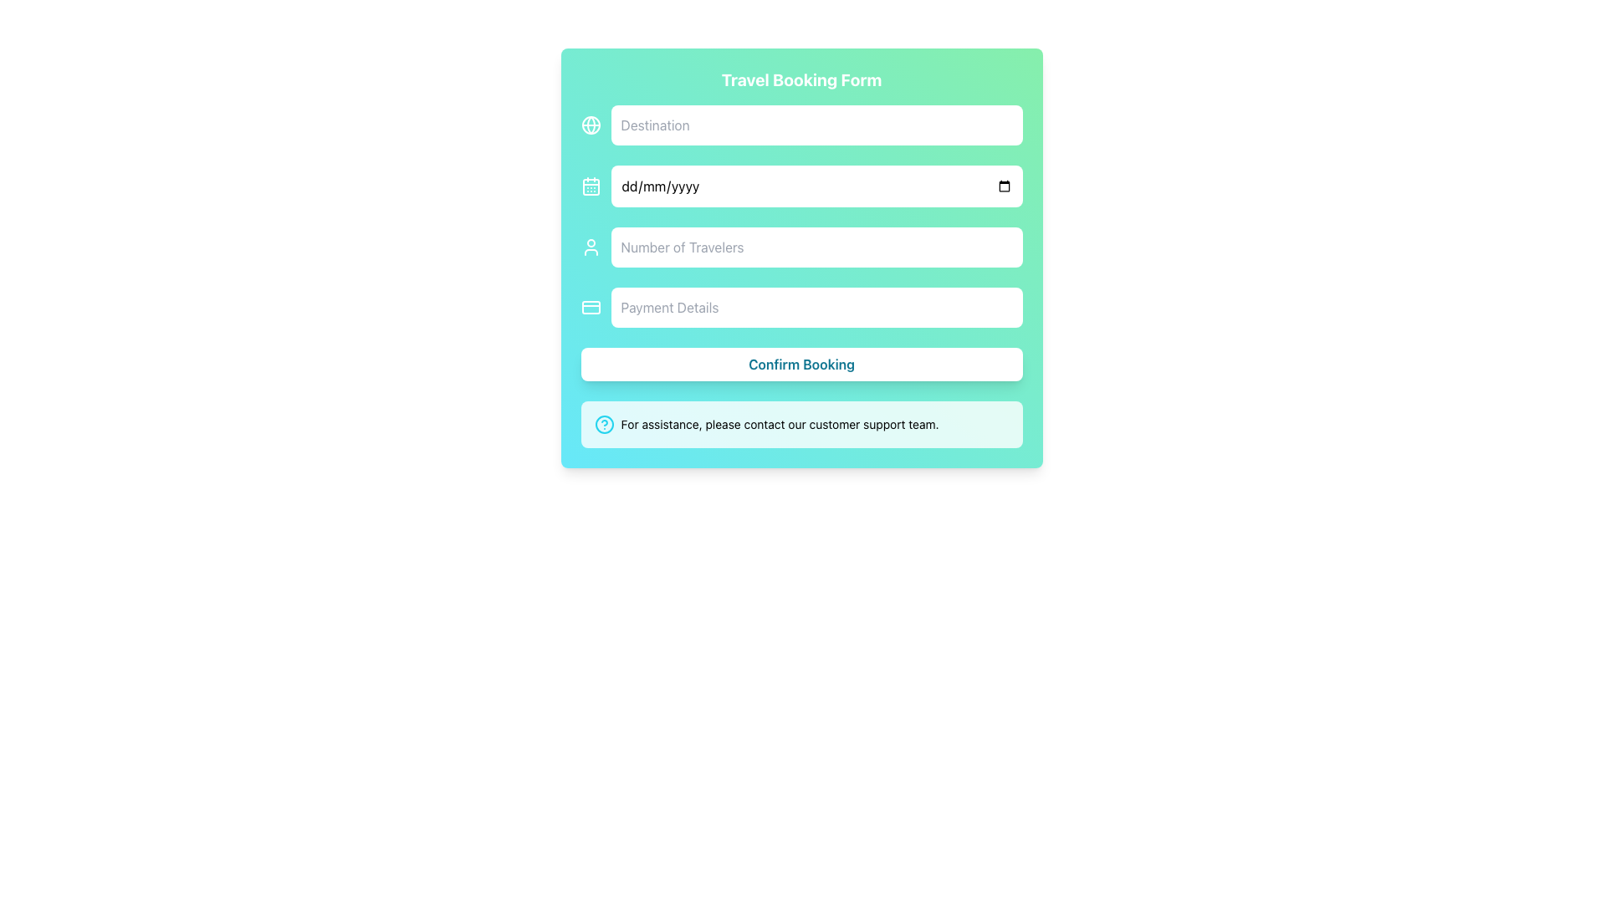 Image resolution: width=1606 pixels, height=903 pixels. What do you see at coordinates (800, 307) in the screenshot?
I see `the fourth input field for payment details, positioned above the 'Confirm Booking' button` at bounding box center [800, 307].